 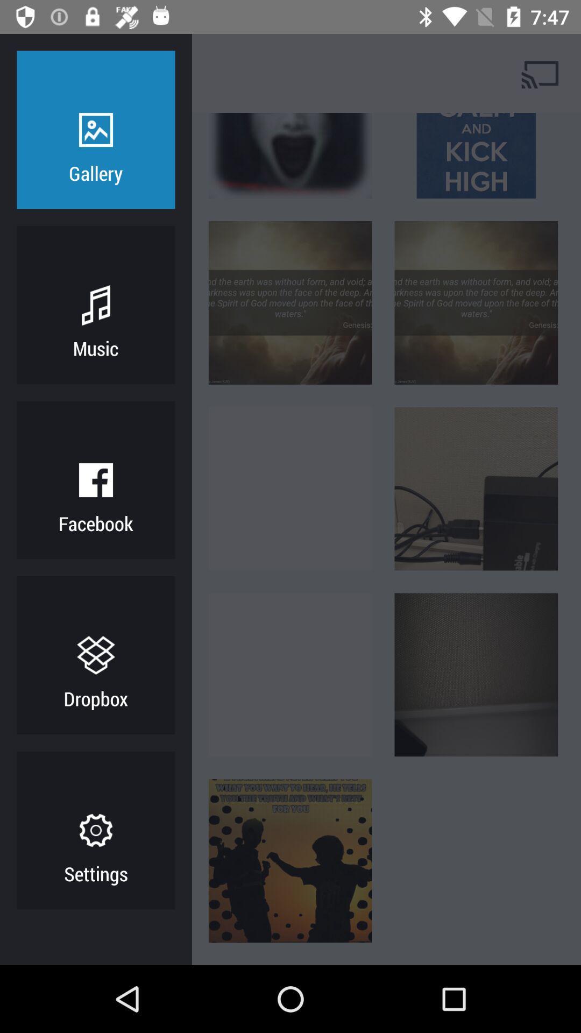 What do you see at coordinates (95, 523) in the screenshot?
I see `the facebook app` at bounding box center [95, 523].